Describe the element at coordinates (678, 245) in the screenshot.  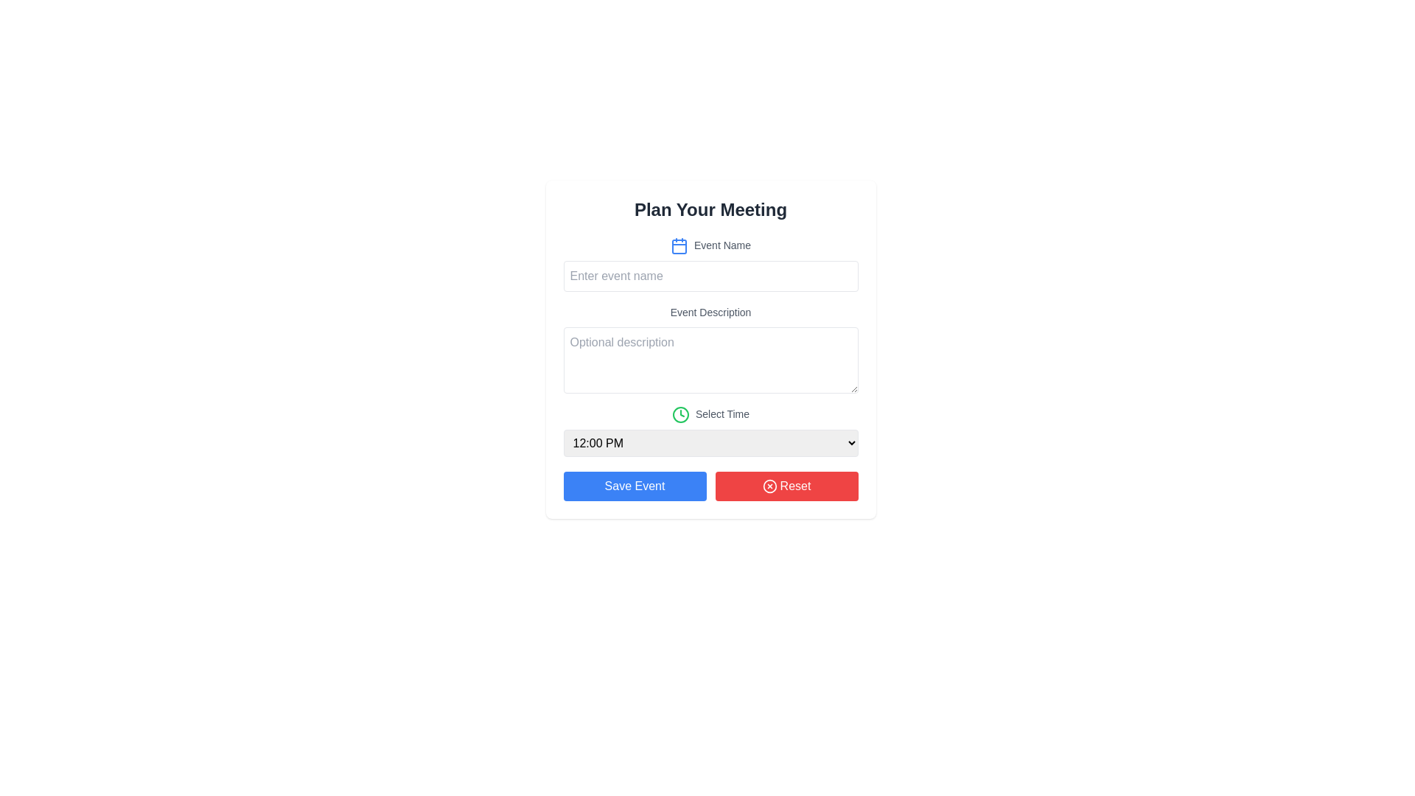
I see `the inner rectangle of the calendar icon, which represents the date selection or event marker, located next to the 'Event Name' input field` at that location.